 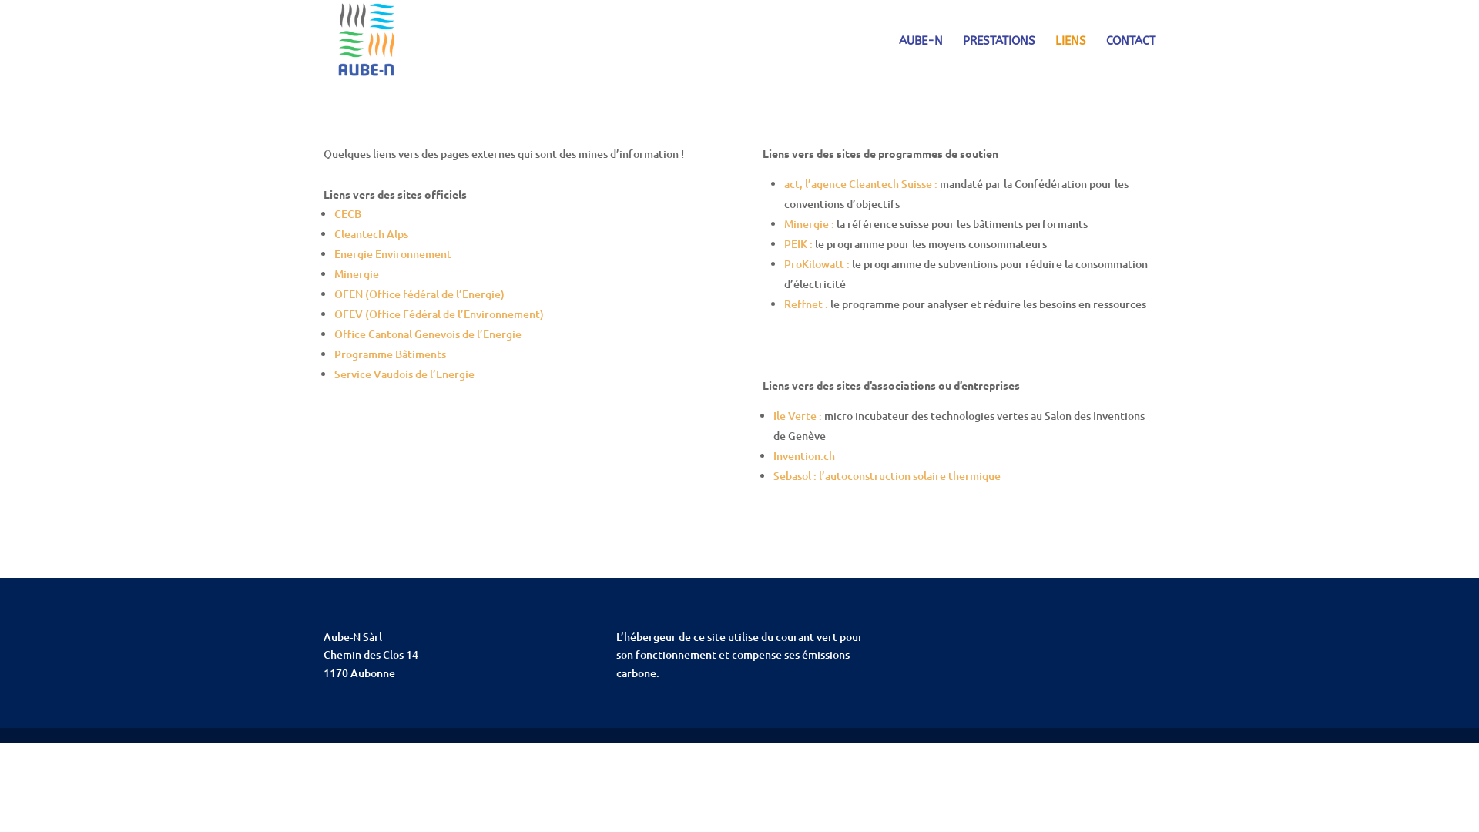 What do you see at coordinates (347, 213) in the screenshot?
I see `'CECB'` at bounding box center [347, 213].